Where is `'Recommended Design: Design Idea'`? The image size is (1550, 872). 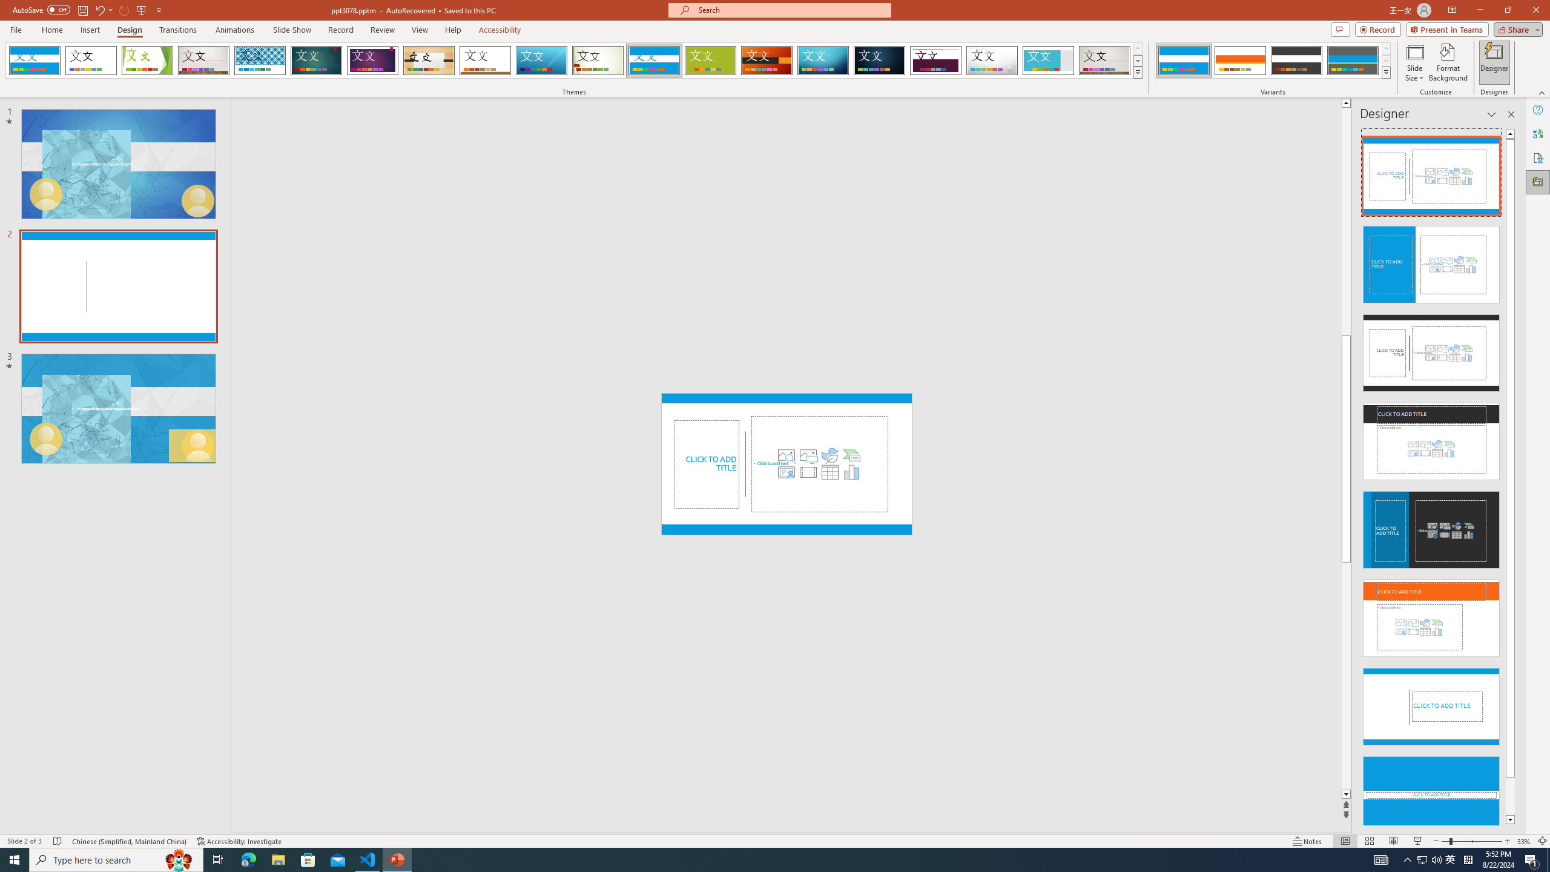
'Recommended Design: Design Idea' is located at coordinates (1431, 172).